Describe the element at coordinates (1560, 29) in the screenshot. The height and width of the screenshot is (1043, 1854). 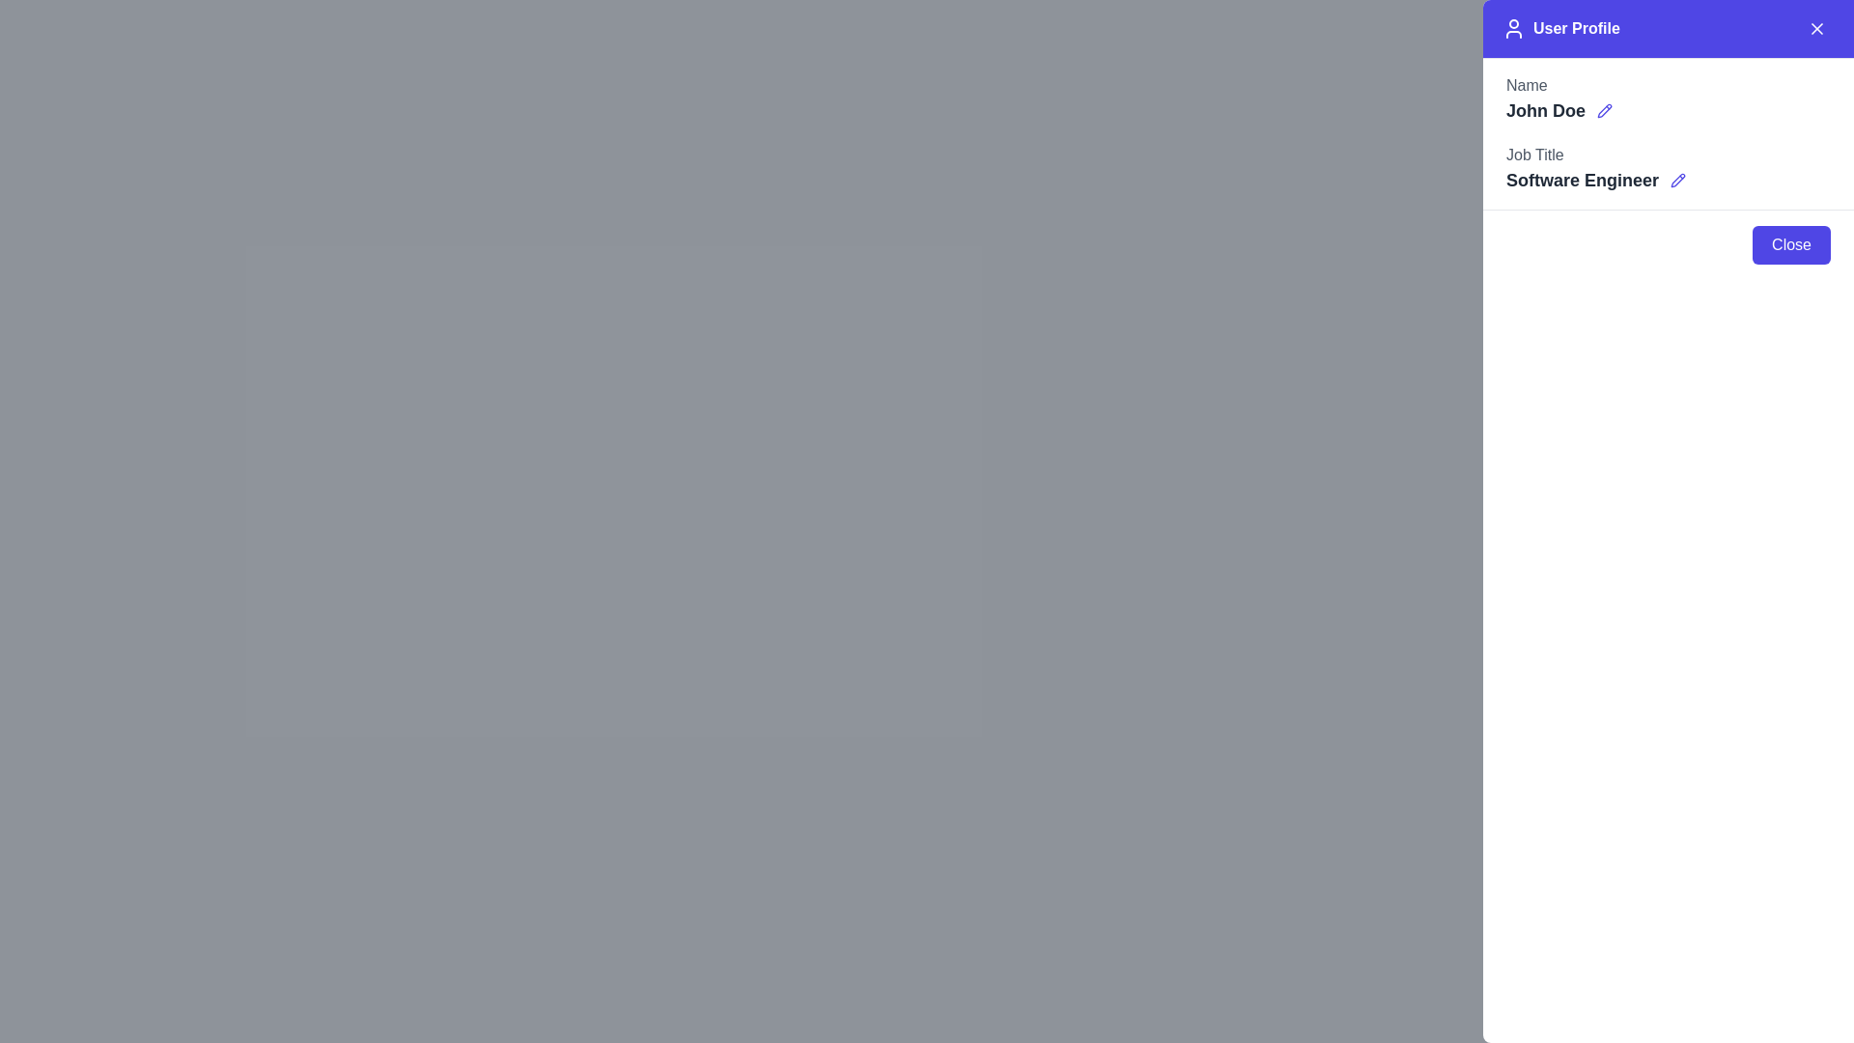
I see `the 'User Profile' text label with the user icon located in the header area of the navigation bar, styled with a blue background` at that location.